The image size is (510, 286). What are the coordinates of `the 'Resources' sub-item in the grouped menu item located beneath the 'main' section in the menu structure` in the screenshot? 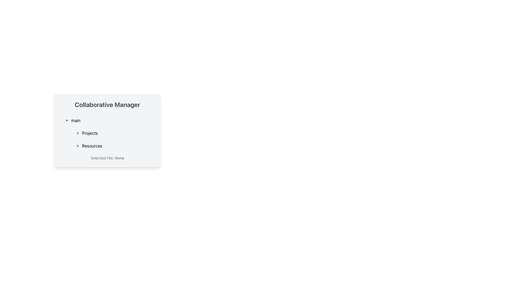 It's located at (110, 139).